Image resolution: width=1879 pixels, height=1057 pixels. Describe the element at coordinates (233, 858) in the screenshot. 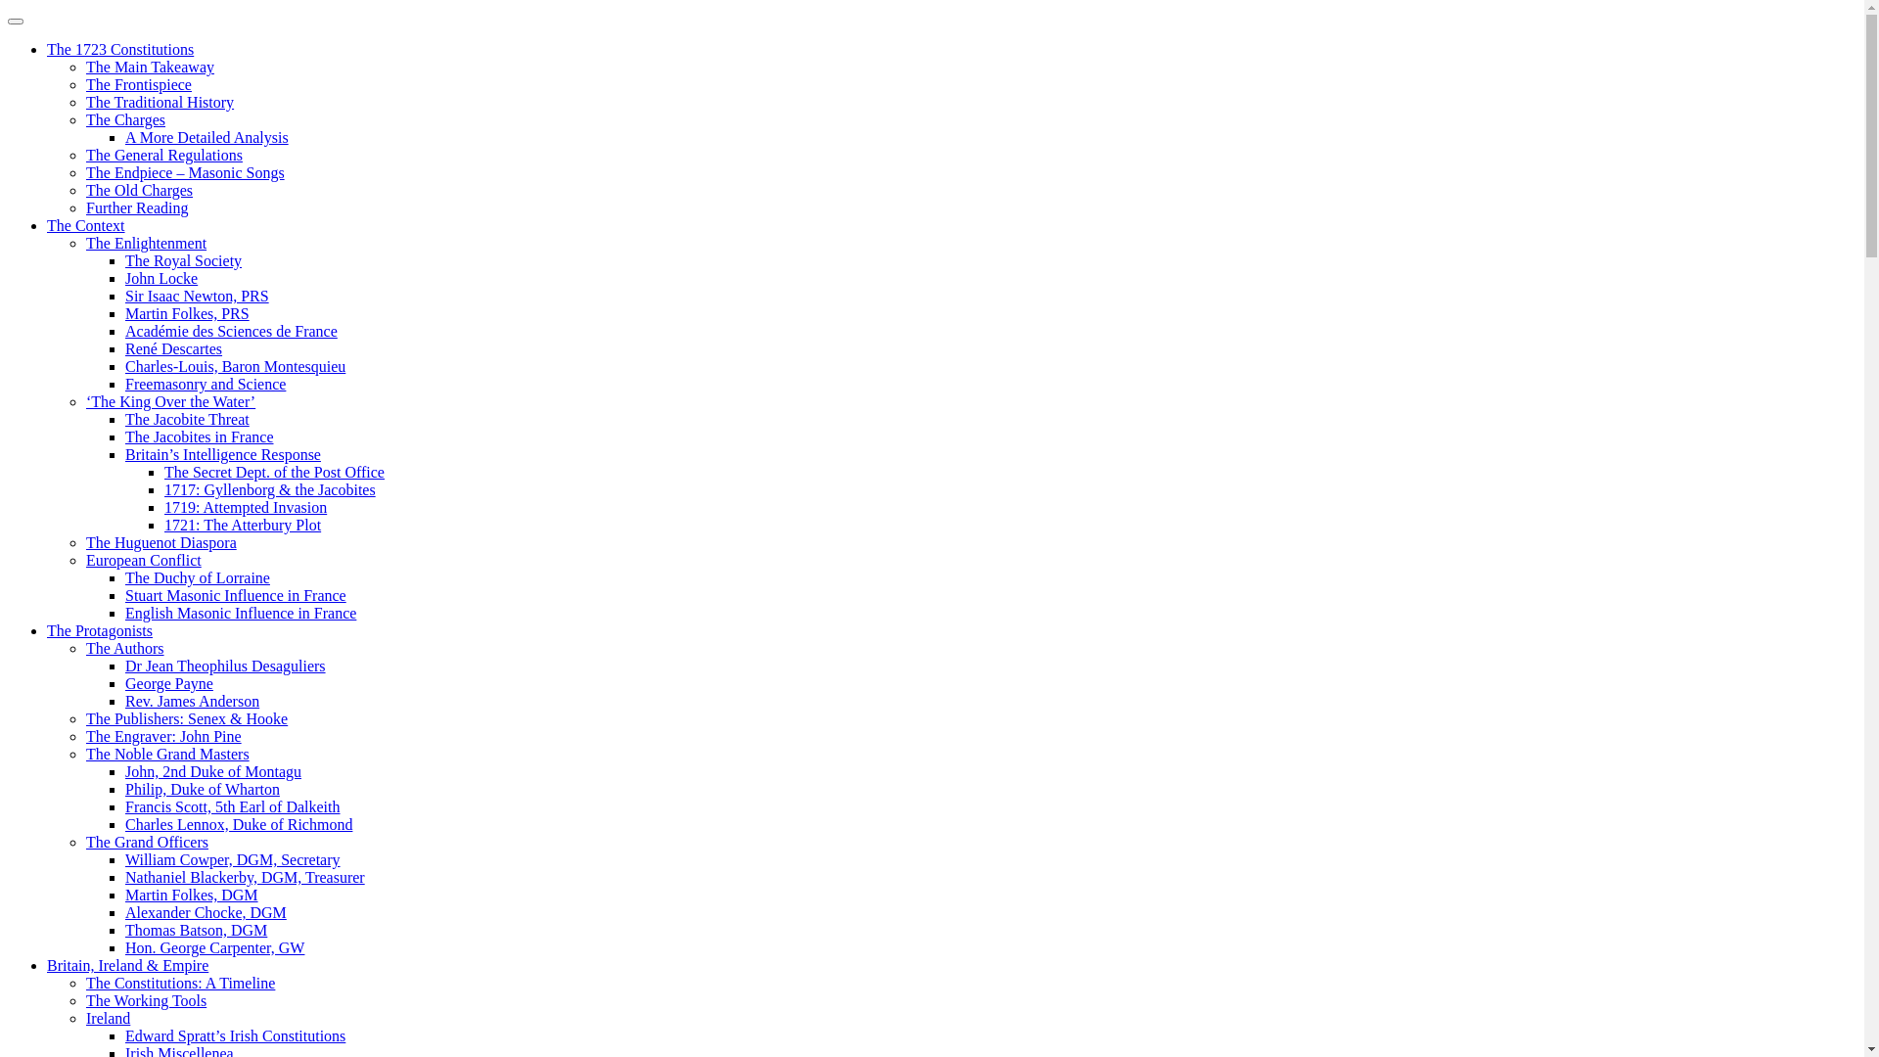

I see `'William Cowper, DGM, Secretary'` at that location.